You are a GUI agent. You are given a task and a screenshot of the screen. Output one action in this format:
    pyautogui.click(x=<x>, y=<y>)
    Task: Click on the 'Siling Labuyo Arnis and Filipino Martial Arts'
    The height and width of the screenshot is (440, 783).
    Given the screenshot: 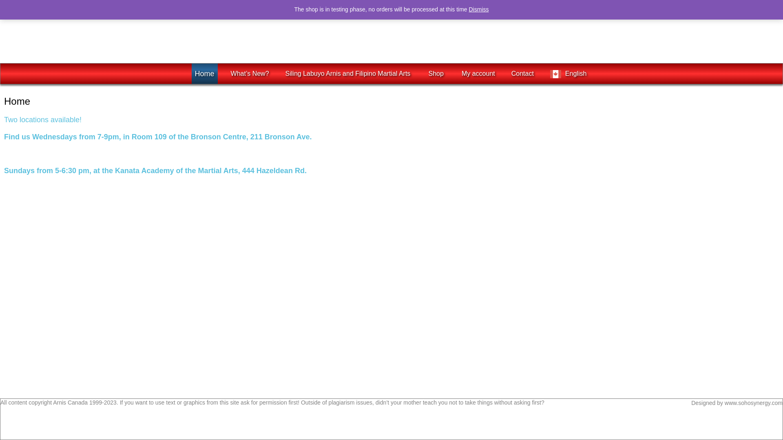 What is the action you would take?
    pyautogui.click(x=349, y=74)
    